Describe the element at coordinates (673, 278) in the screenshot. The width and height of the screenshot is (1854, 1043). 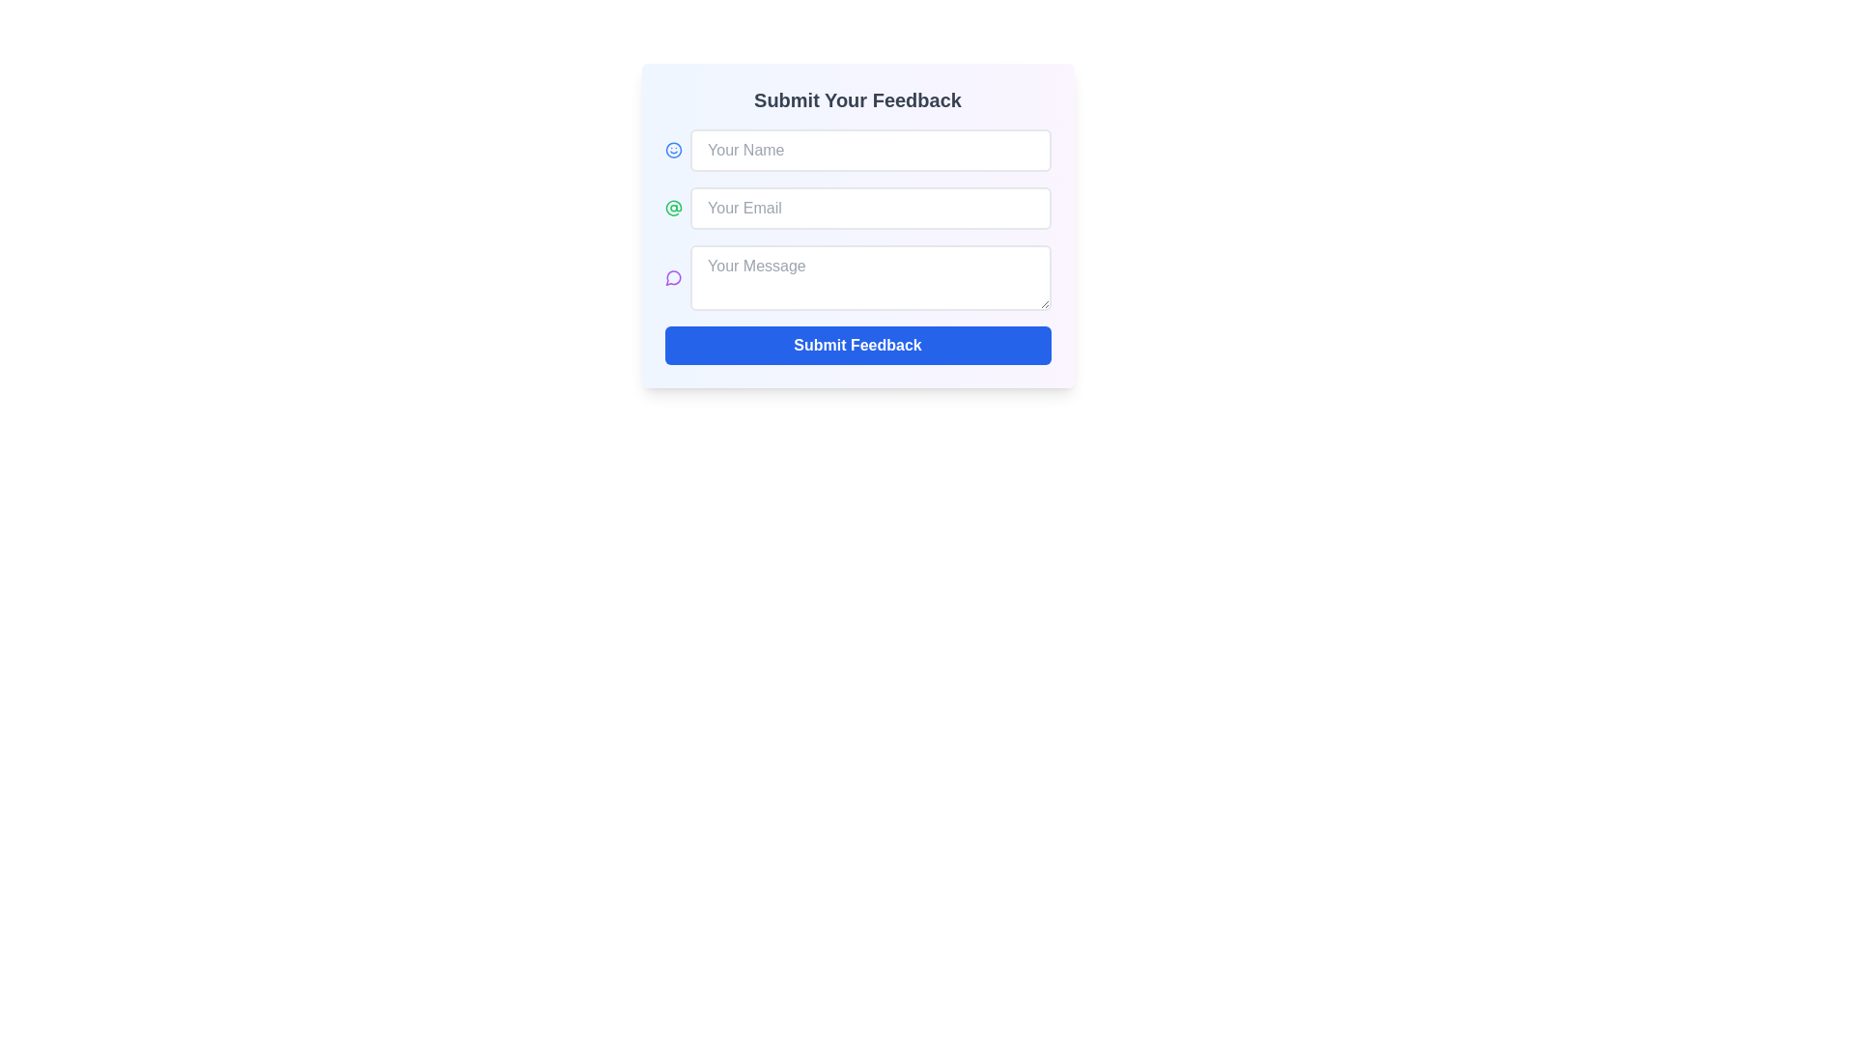
I see `the circular icon resembling a speech bubble with a purple outline, located to the left of the 'Your Message' input field in the 'Submit Your Feedback' form` at that location.